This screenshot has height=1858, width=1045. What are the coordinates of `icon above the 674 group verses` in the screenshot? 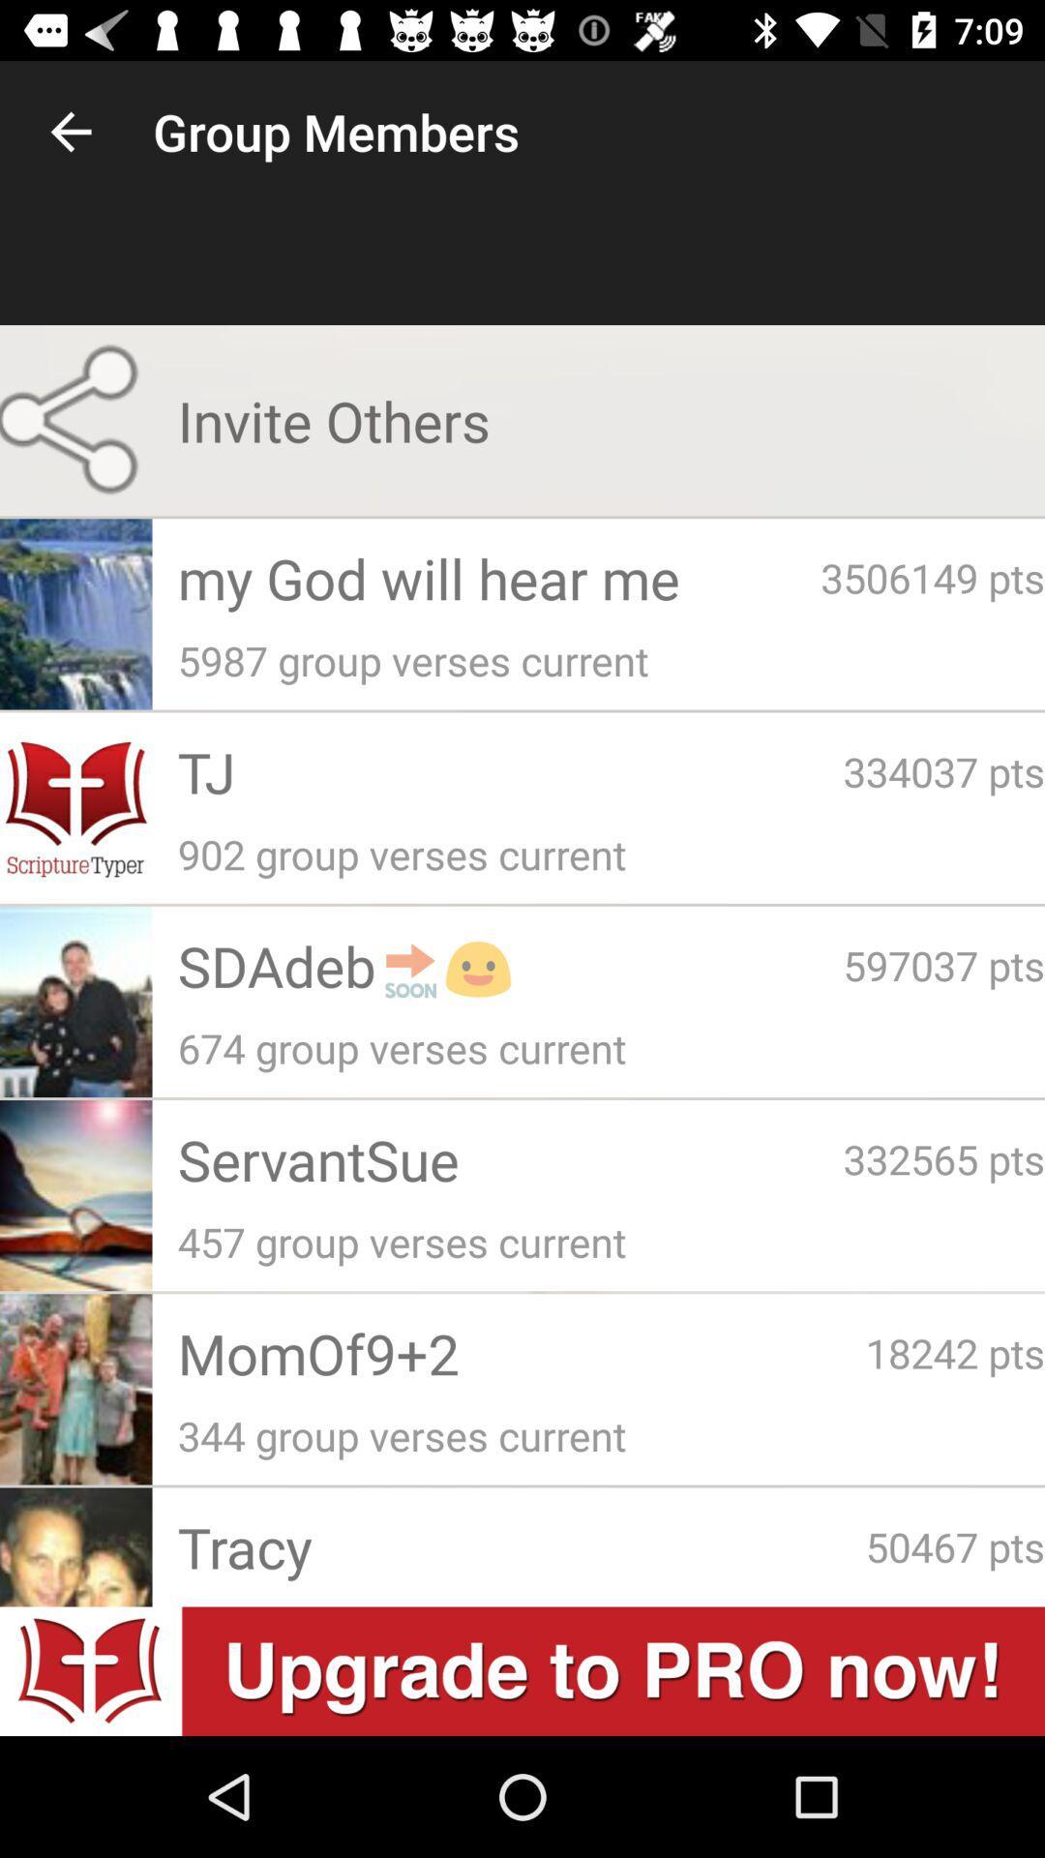 It's located at (509, 965).